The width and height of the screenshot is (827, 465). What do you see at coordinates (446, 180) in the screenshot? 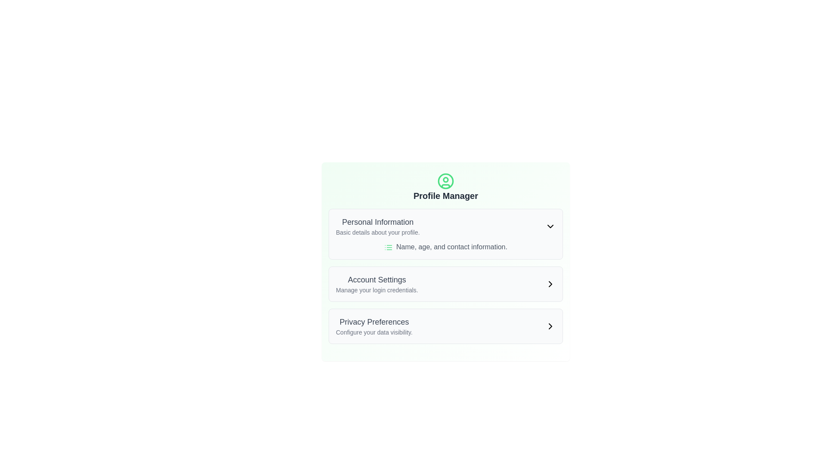
I see `the circular shape with a green outline, located above the 'Profile Manager' heading, which is centrally positioned within a larger circle` at bounding box center [446, 180].